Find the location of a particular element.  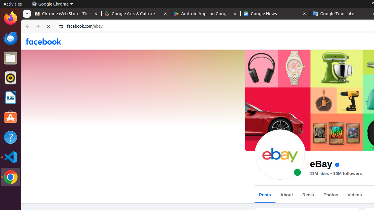

'Rhythmbox' is located at coordinates (10, 77).